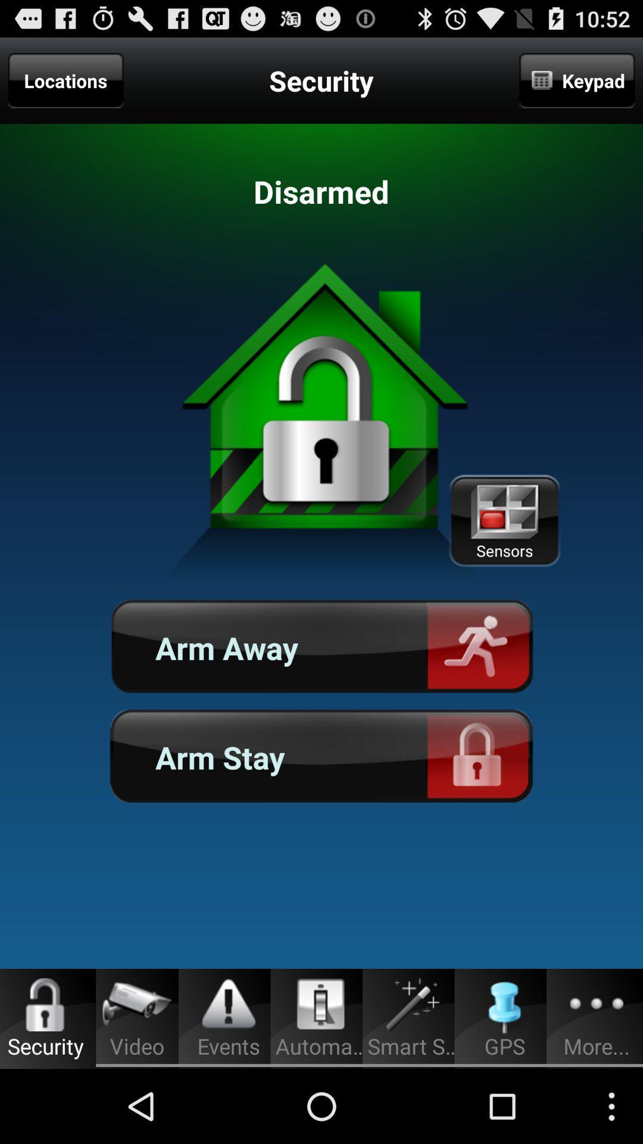 The height and width of the screenshot is (1144, 643). What do you see at coordinates (597, 1004) in the screenshot?
I see `the icon which is above the more` at bounding box center [597, 1004].